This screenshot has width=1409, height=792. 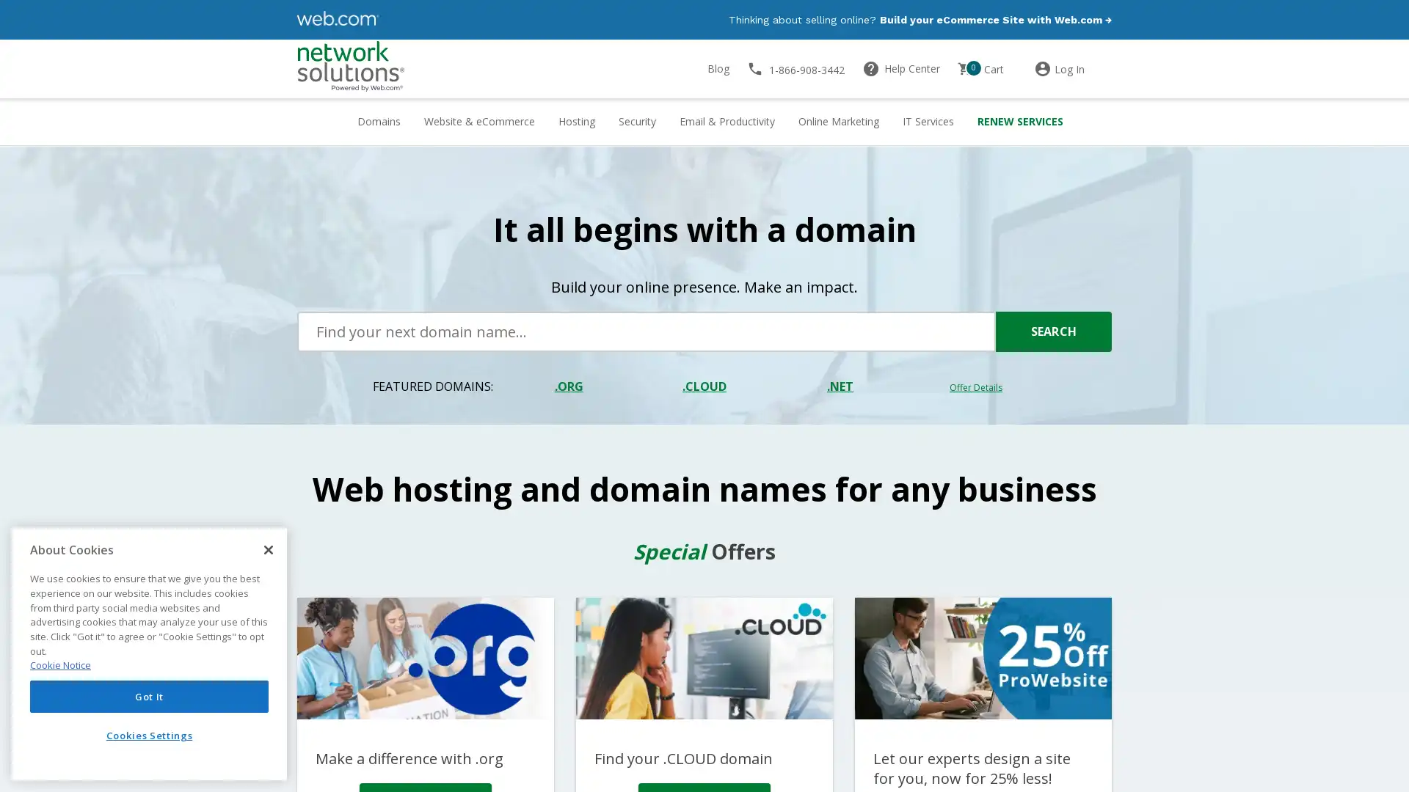 I want to click on Explore your accessibility options, so click(x=23, y=717).